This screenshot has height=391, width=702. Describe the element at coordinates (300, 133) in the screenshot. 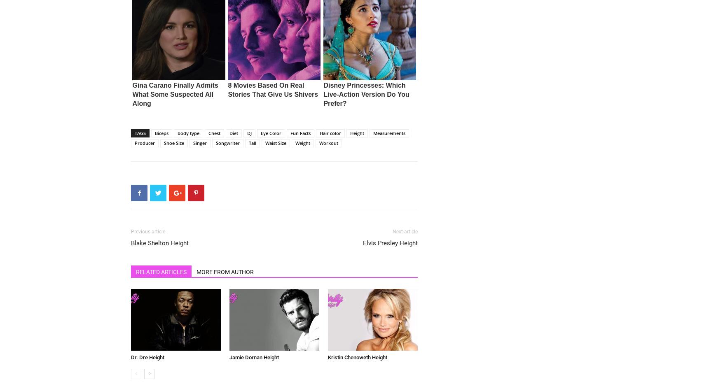

I see `'Fun Facts'` at that location.